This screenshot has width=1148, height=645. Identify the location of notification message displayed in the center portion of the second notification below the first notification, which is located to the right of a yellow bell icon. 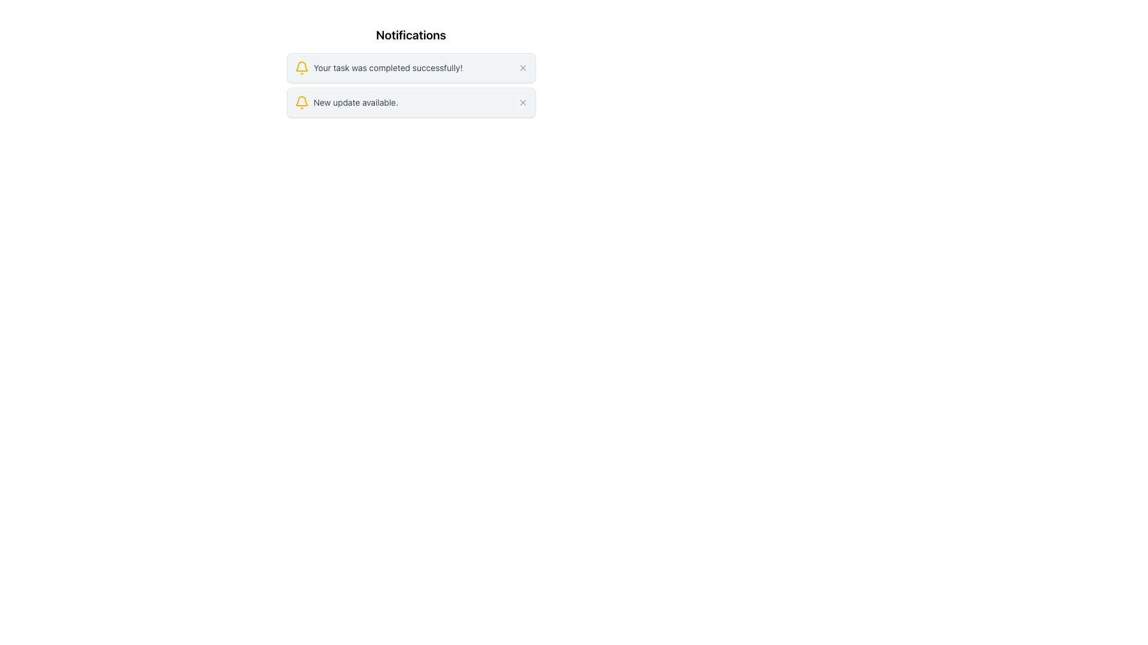
(355, 102).